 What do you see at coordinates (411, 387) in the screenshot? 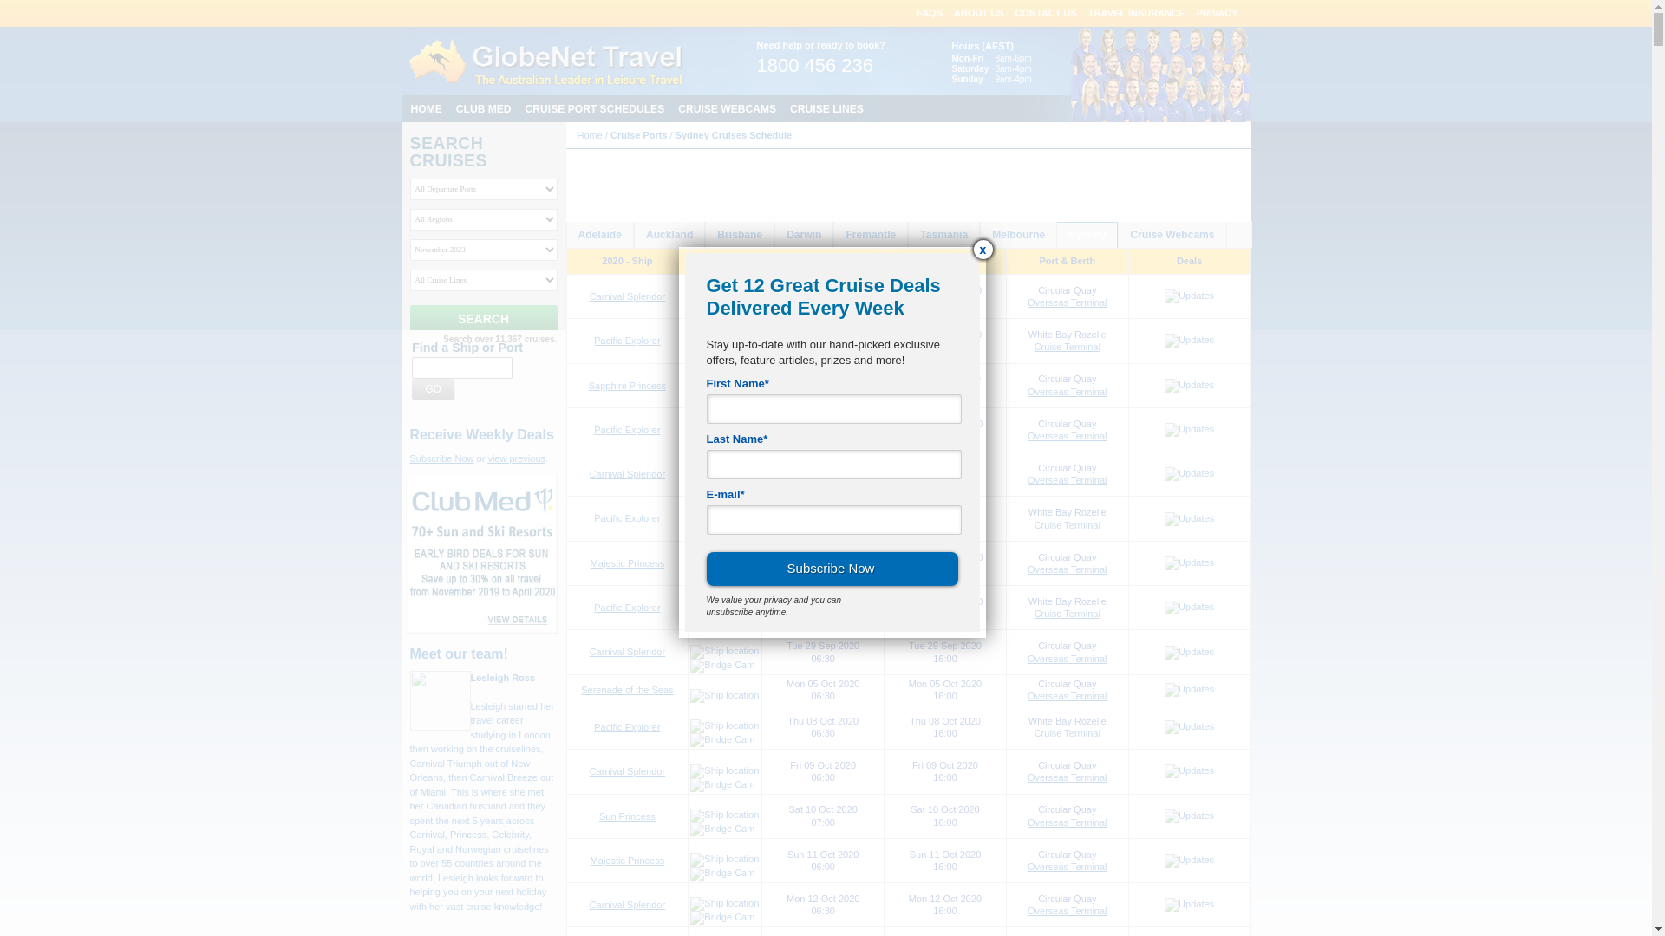
I see `'GO'` at bounding box center [411, 387].